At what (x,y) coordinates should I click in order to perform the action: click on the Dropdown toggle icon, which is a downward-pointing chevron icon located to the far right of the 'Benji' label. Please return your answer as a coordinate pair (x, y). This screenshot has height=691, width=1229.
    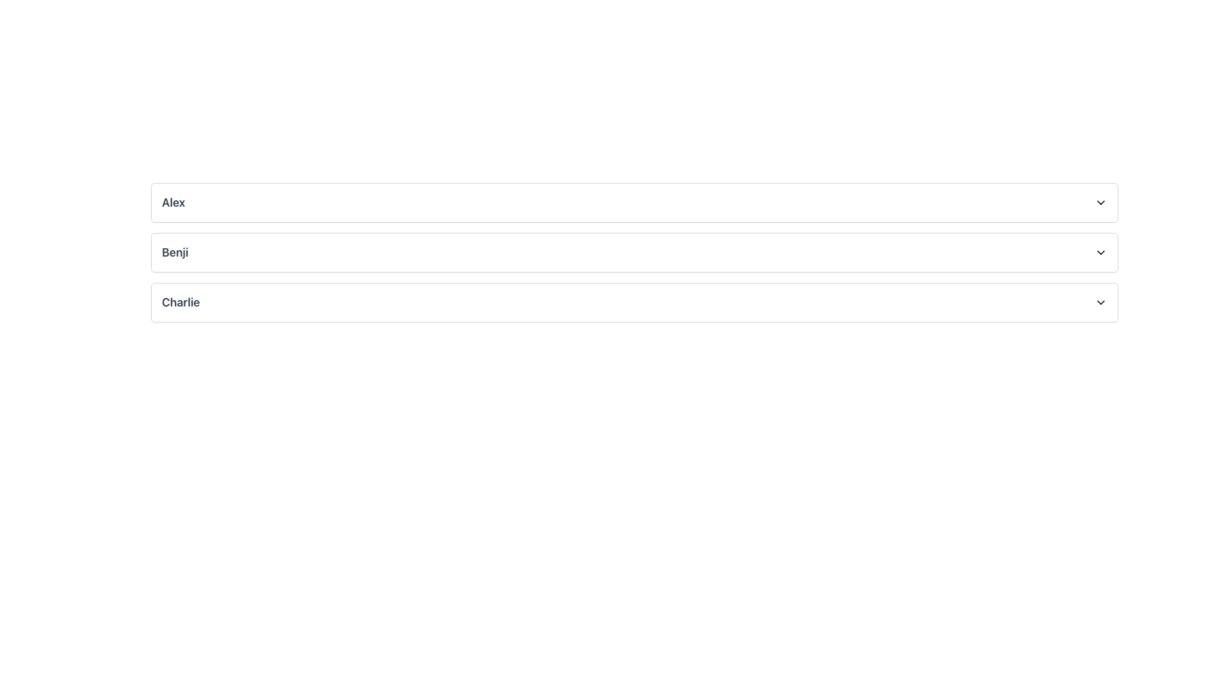
    Looking at the image, I should click on (1100, 252).